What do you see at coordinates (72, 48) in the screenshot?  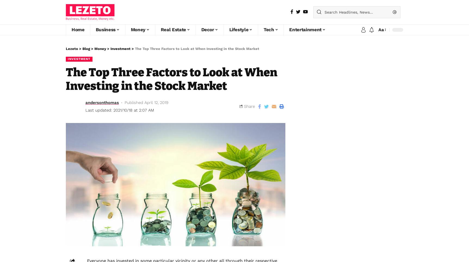 I see `'Lezeto'` at bounding box center [72, 48].